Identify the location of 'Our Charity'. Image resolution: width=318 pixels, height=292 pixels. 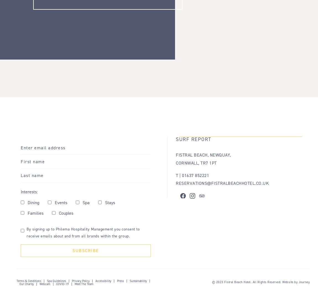
(26, 284).